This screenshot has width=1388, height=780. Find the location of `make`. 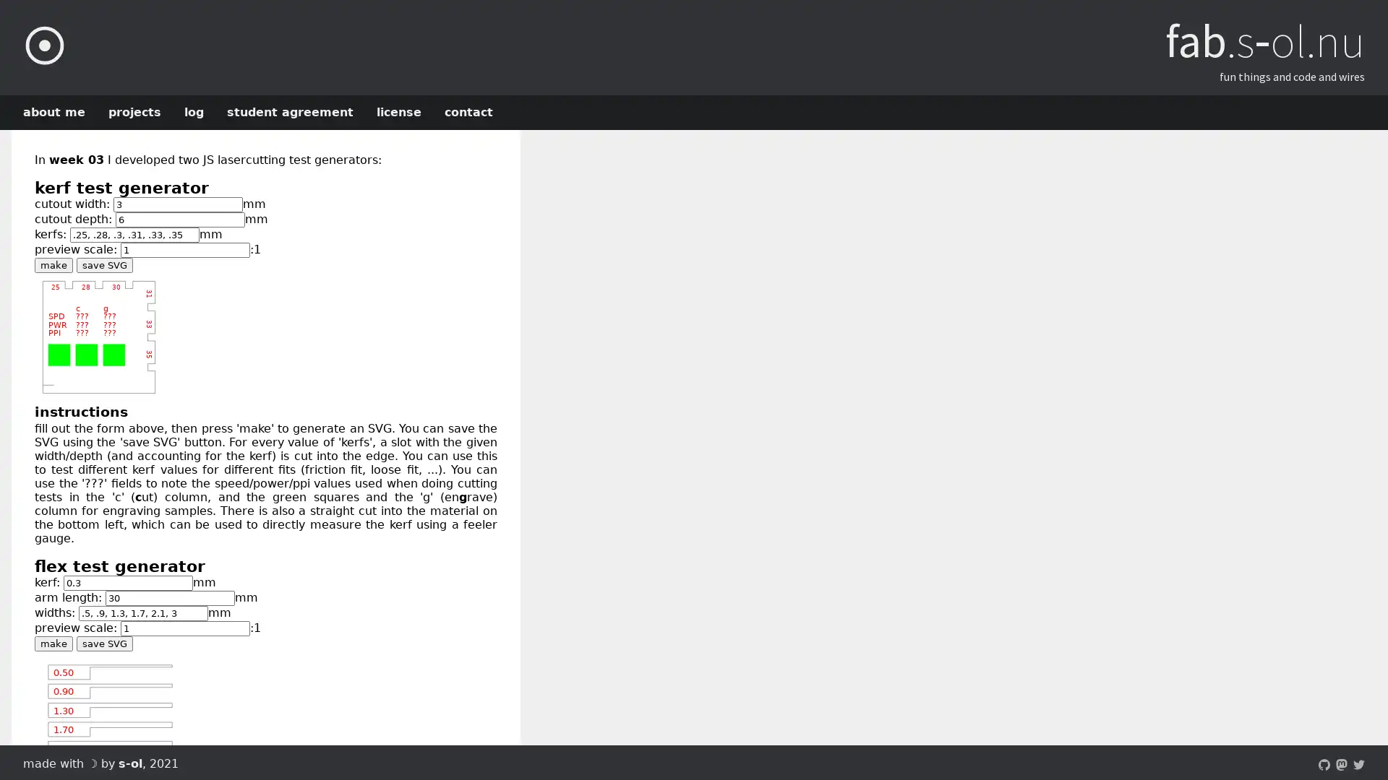

make is located at coordinates (53, 265).